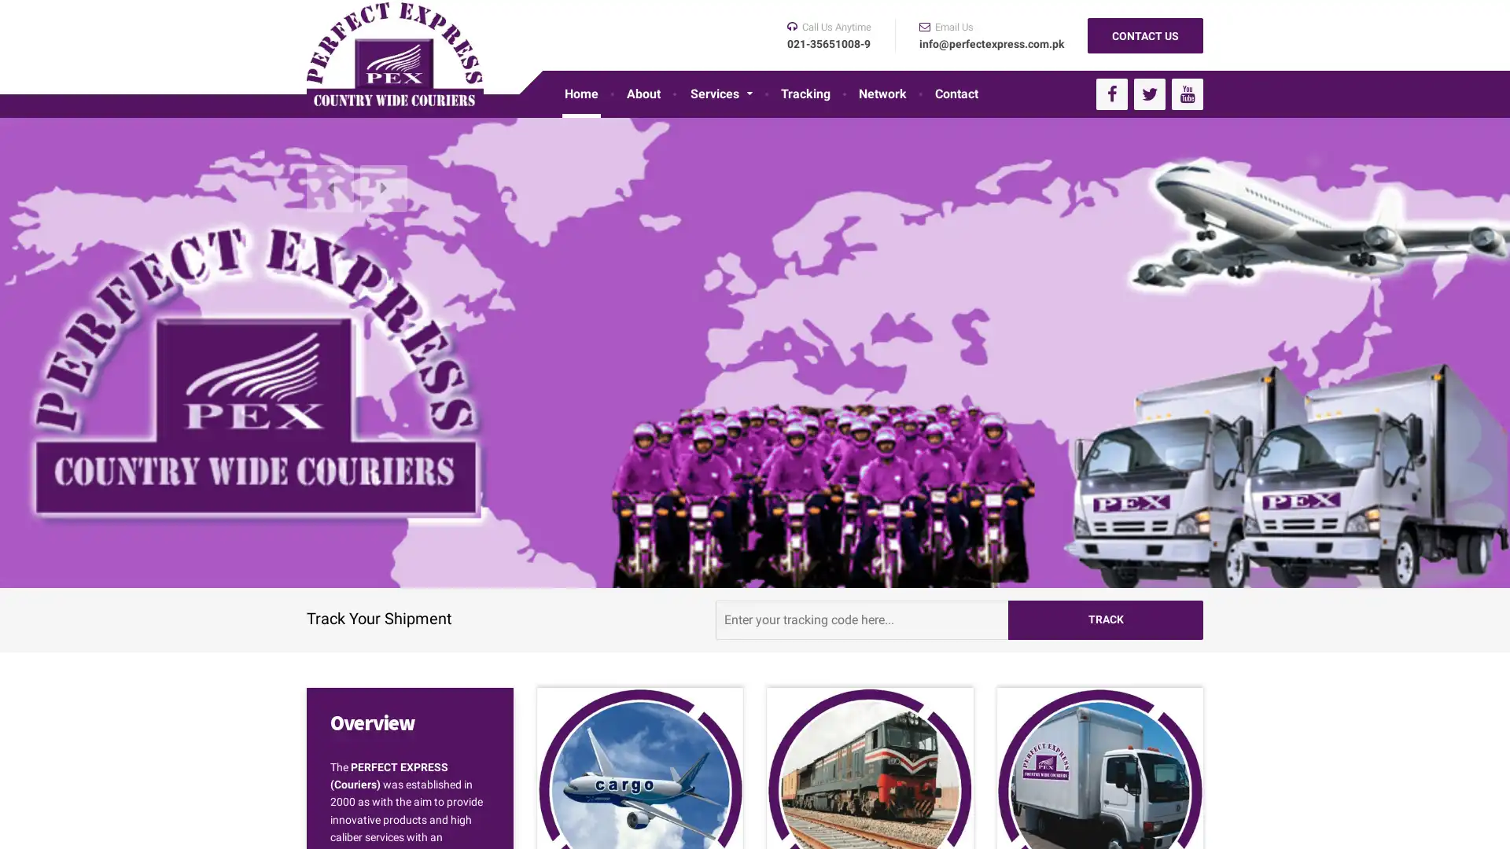 The image size is (1510, 849). I want to click on TRACK, so click(1105, 618).